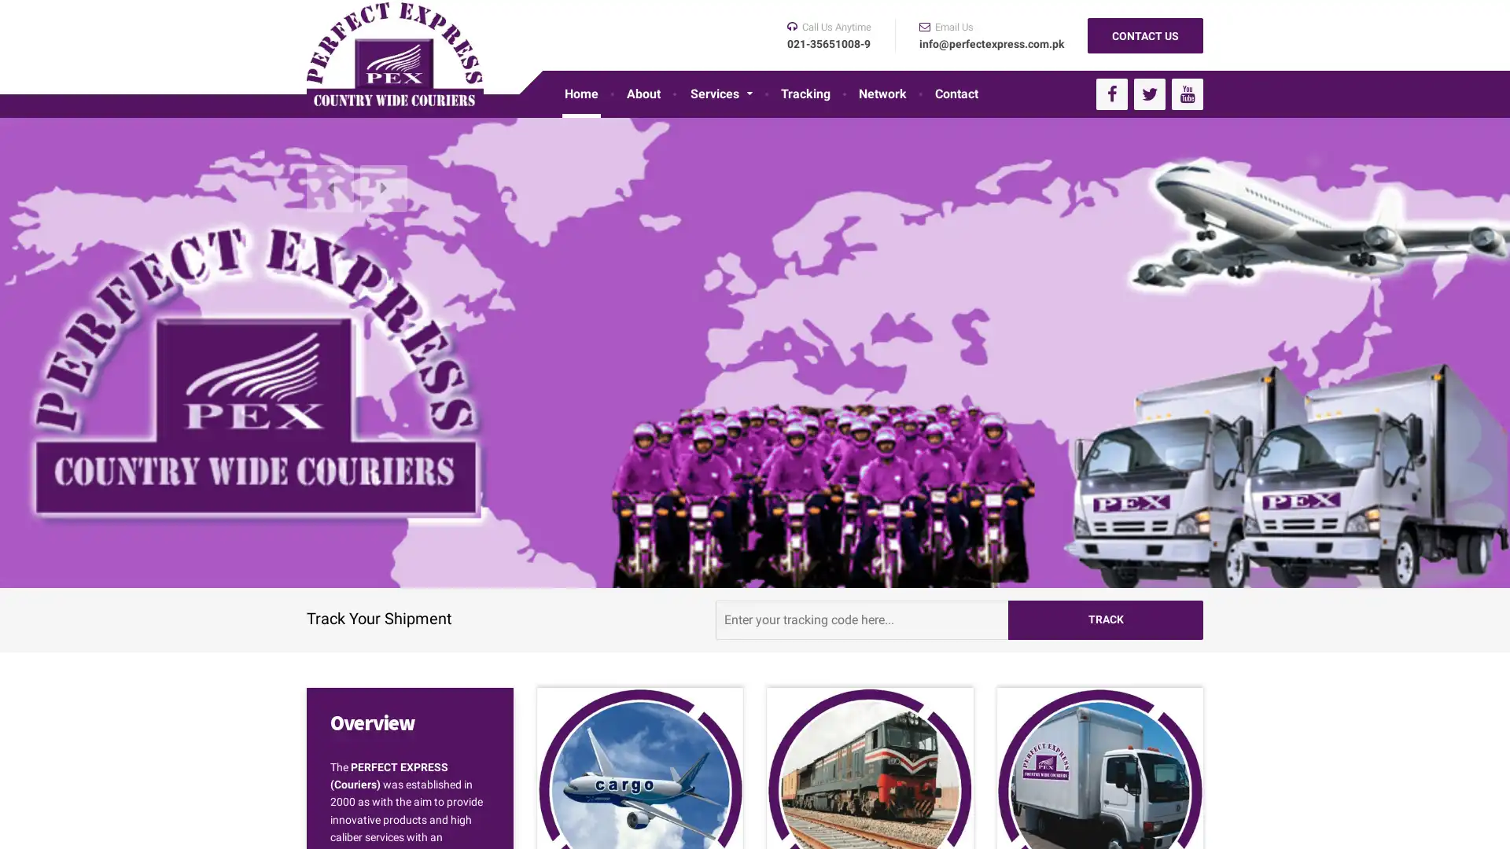 The image size is (1510, 849). I want to click on TRACK, so click(1105, 618).